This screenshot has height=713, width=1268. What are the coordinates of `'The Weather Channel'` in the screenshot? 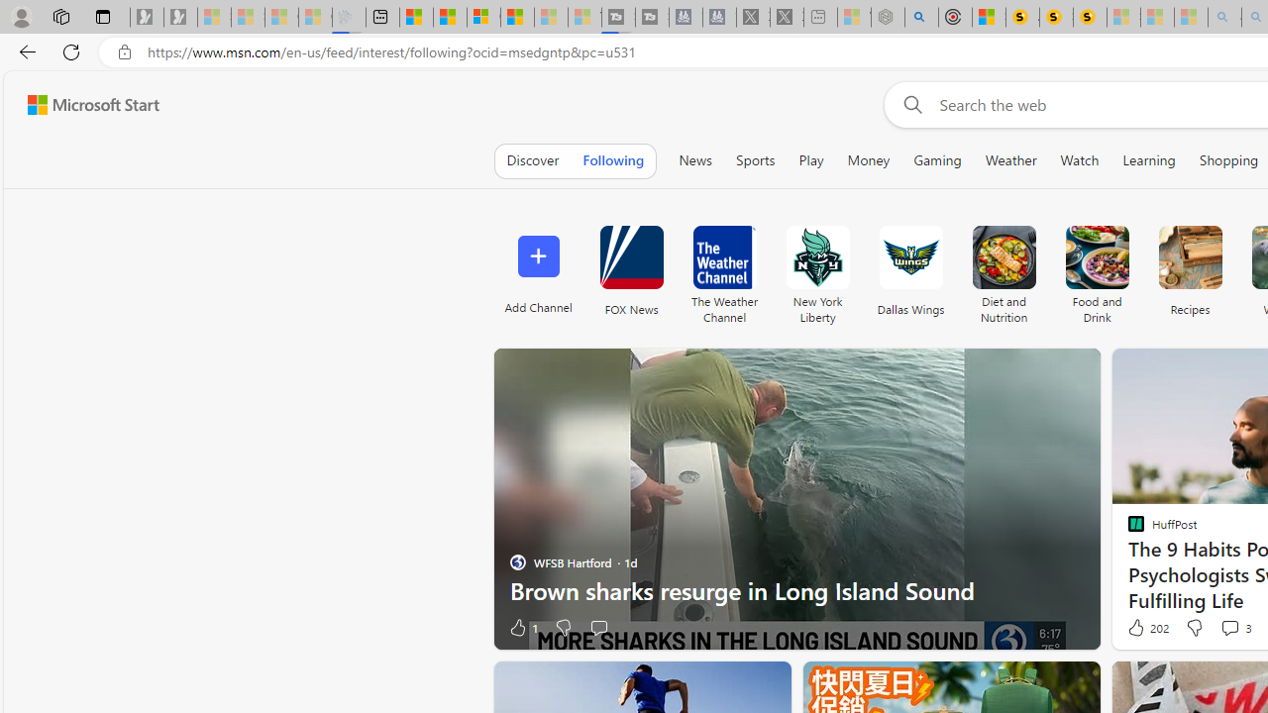 It's located at (723, 256).